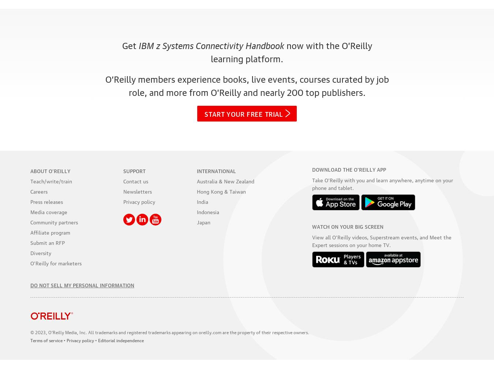 The width and height of the screenshot is (494, 366). Describe the element at coordinates (340, 187) in the screenshot. I see `'and tablet.'` at that location.